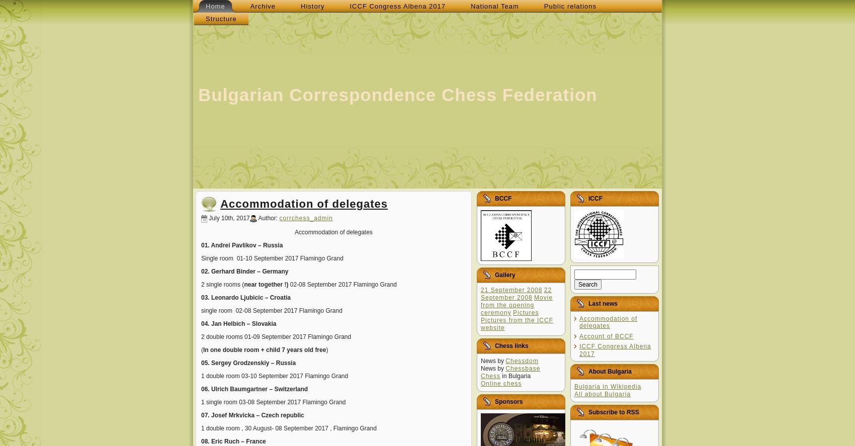  What do you see at coordinates (263, 6) in the screenshot?
I see `'Archive'` at bounding box center [263, 6].